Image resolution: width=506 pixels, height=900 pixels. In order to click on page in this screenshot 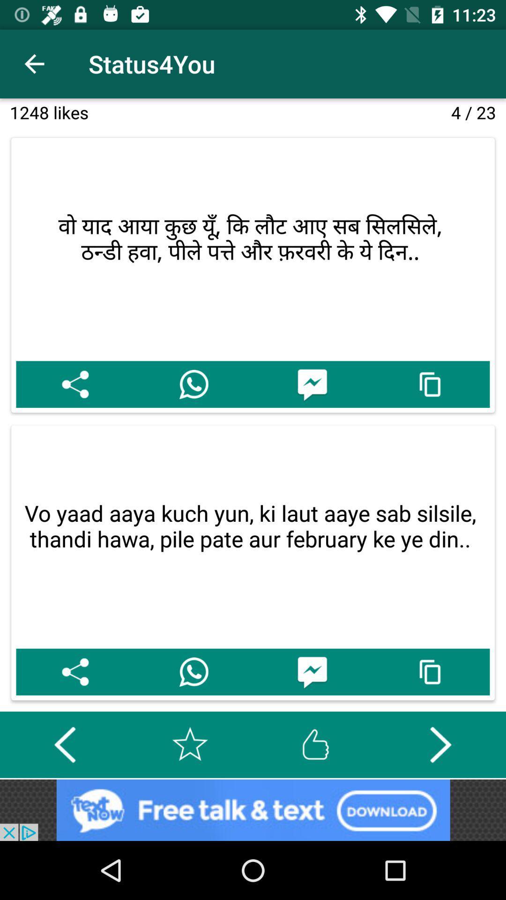, I will do `click(190, 744)`.